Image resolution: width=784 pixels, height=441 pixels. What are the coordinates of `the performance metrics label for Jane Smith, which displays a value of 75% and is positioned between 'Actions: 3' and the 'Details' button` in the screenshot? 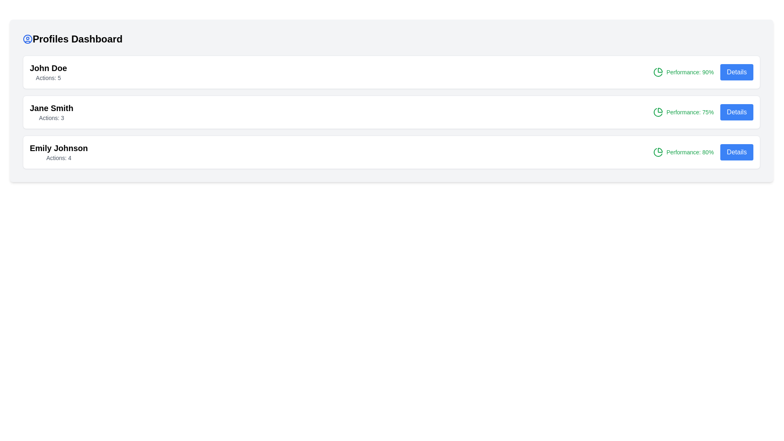 It's located at (703, 112).